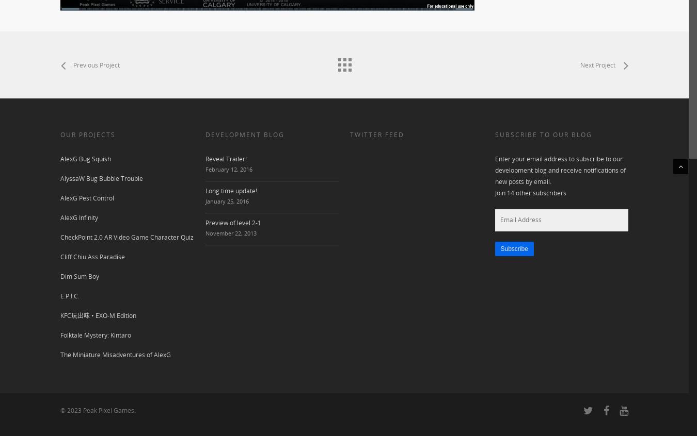 The width and height of the screenshot is (697, 436). Describe the element at coordinates (126, 237) in the screenshot. I see `'CheckPoint 2.0 AR Video Game Character Quiz'` at that location.